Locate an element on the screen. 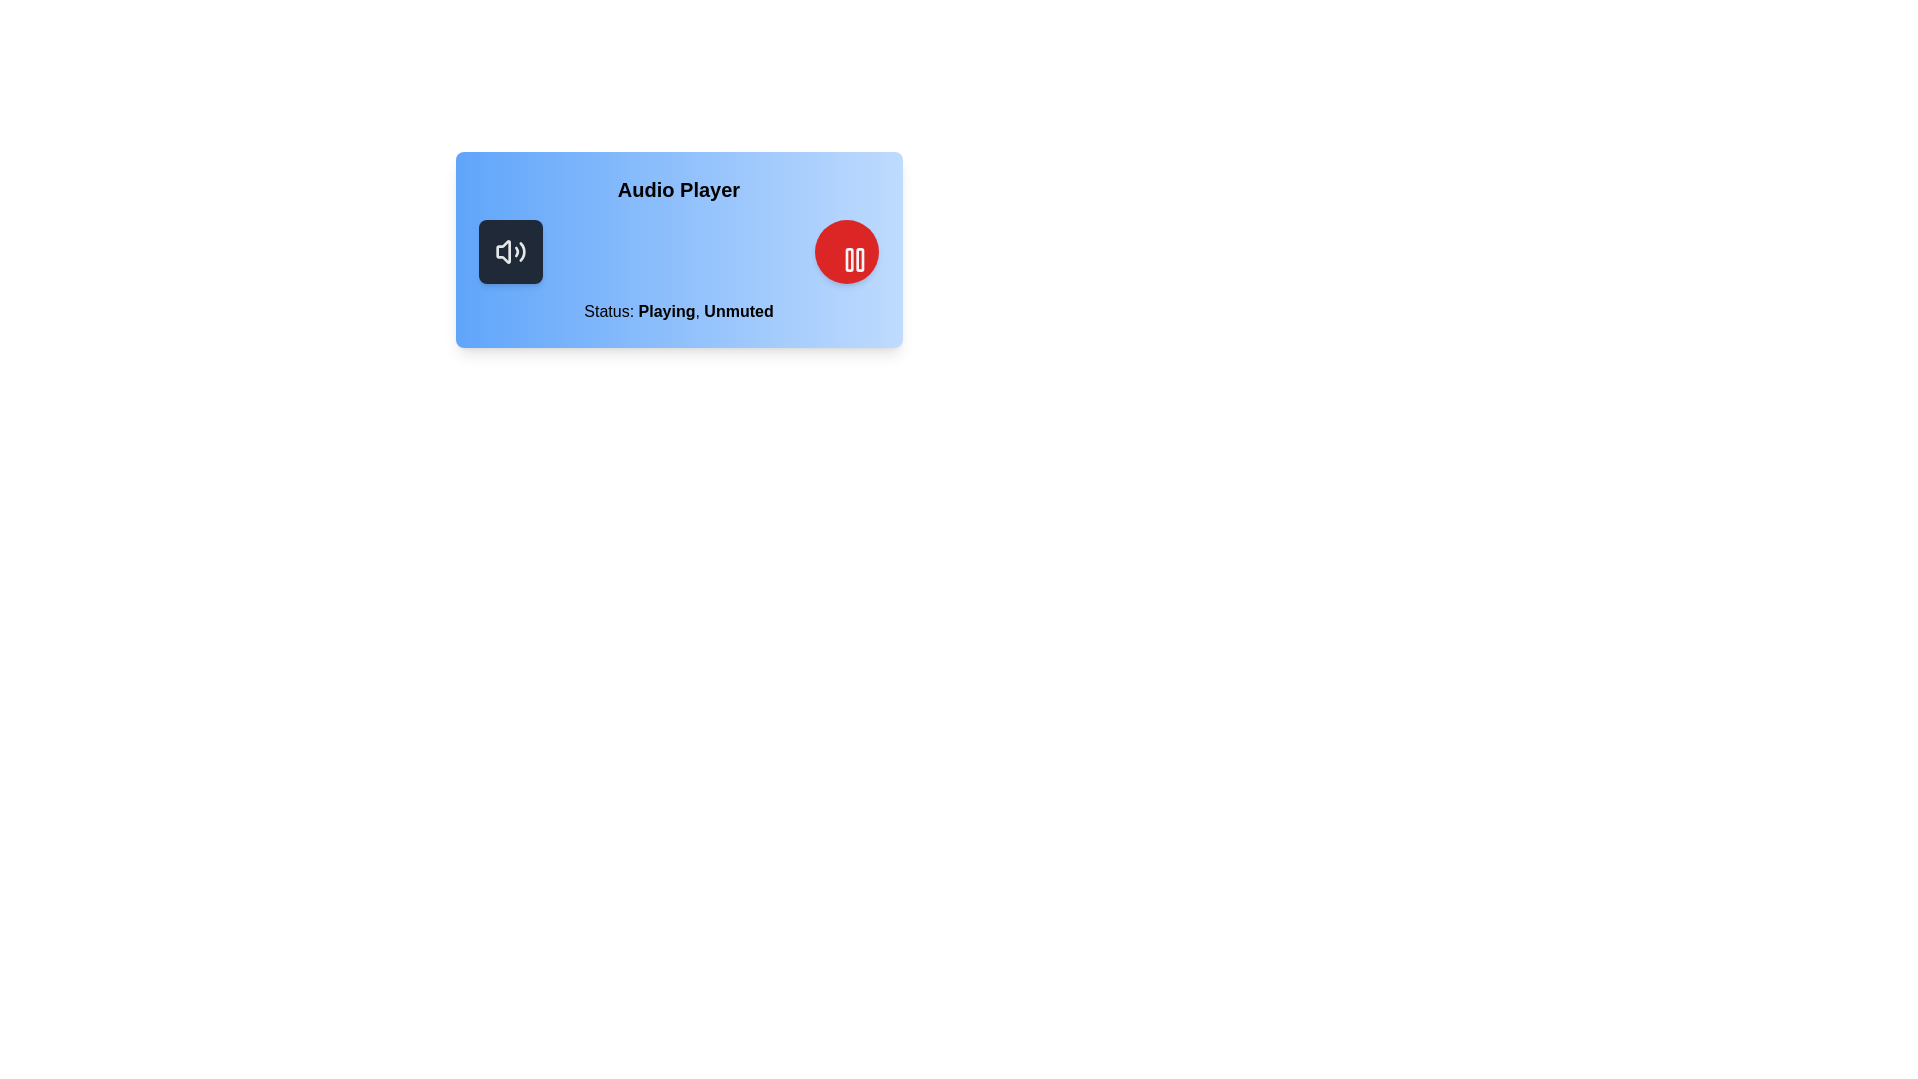 The height and width of the screenshot is (1079, 1918). mute/unmute button to toggle the audio state is located at coordinates (511, 250).